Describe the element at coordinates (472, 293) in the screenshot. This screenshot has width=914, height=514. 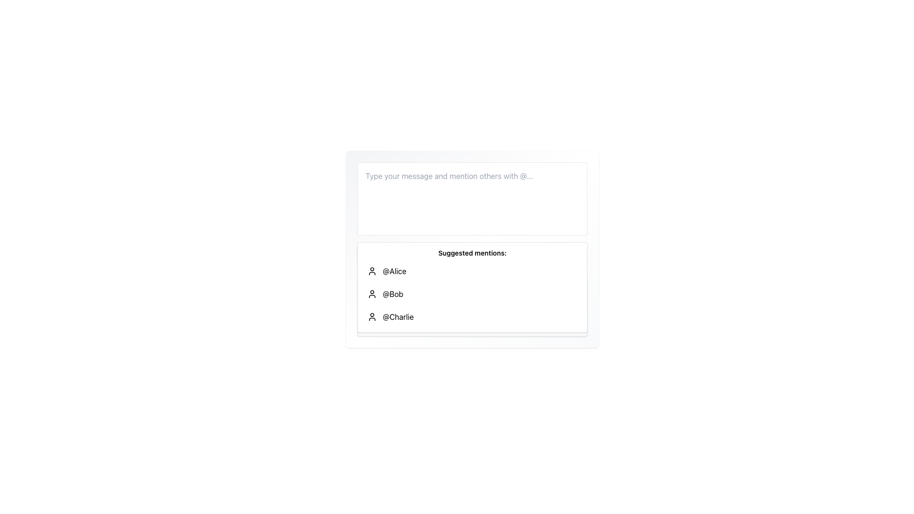
I see `the list item '@Bob'` at that location.